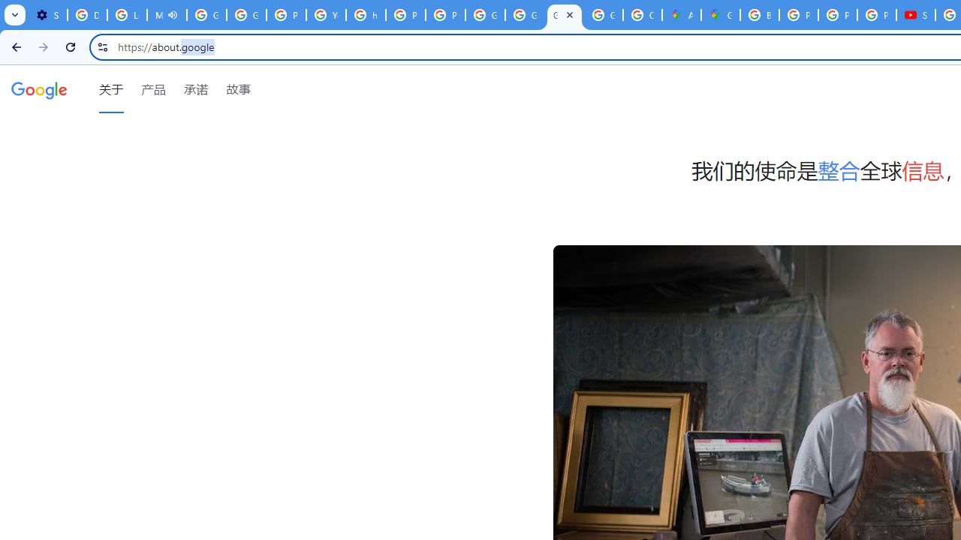 This screenshot has height=540, width=961. What do you see at coordinates (47, 15) in the screenshot?
I see `'Settings - Customize profile'` at bounding box center [47, 15].